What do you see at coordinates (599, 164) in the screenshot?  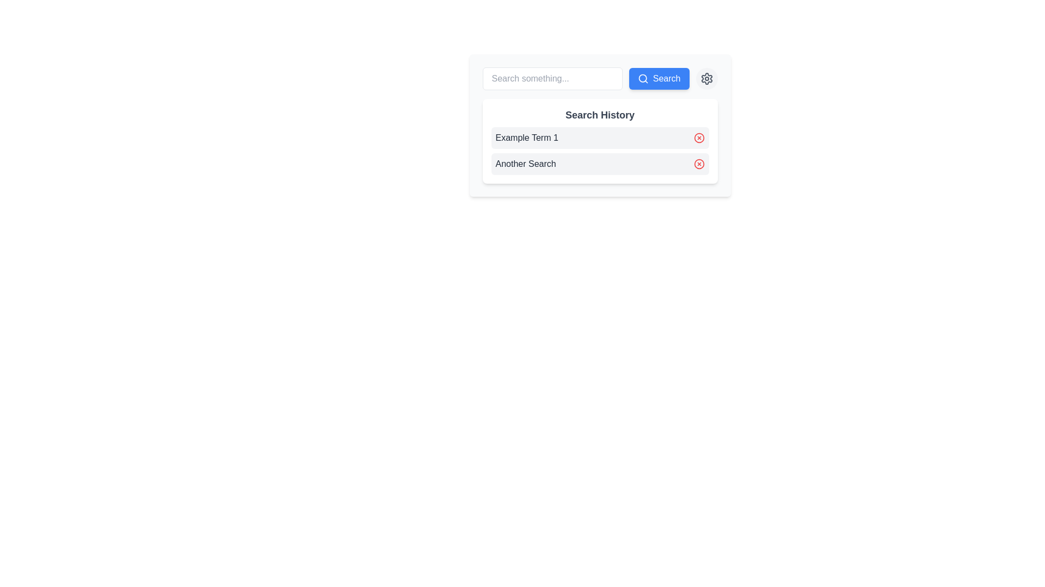 I see `the second list item in the 'Search History' section, which is positioned directly below 'Example Term 1'` at bounding box center [599, 164].